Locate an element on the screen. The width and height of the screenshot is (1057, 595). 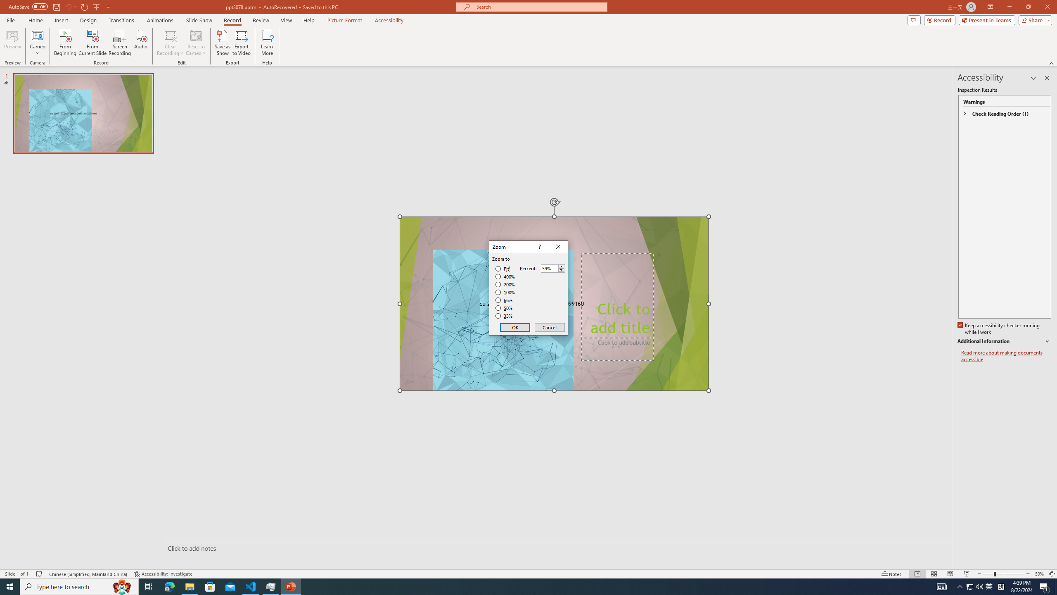
'Search highlights icon opens search home window' is located at coordinates (121, 586).